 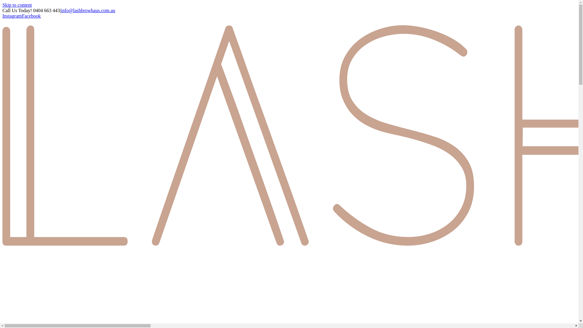 What do you see at coordinates (31, 15) in the screenshot?
I see `'Facebook'` at bounding box center [31, 15].